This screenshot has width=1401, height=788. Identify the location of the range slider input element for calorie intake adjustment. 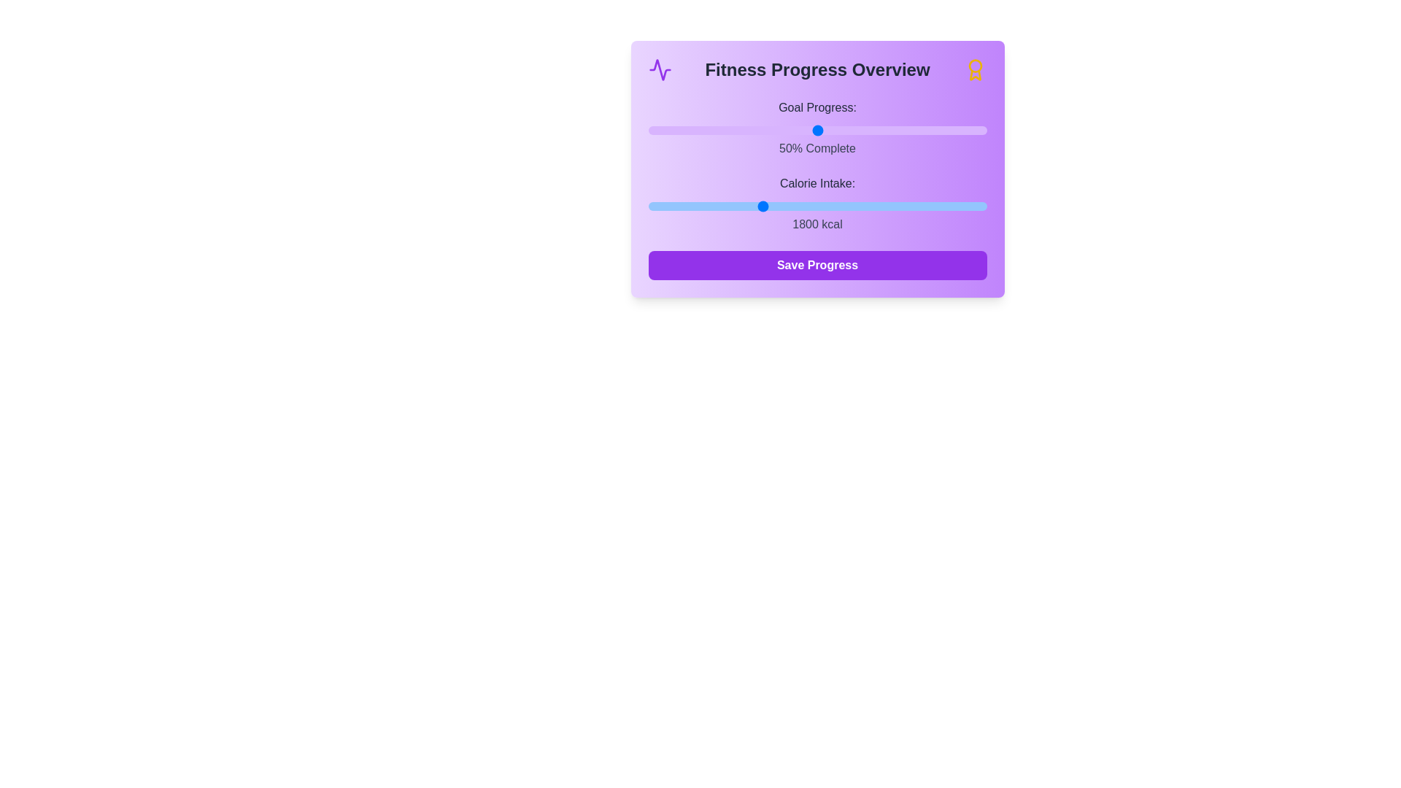
(817, 206).